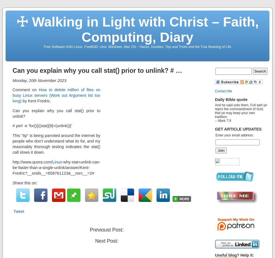 The width and height of the screenshot is (275, 258). Describe the element at coordinates (231, 99) in the screenshot. I see `'Daily Bible quote'` at that location.